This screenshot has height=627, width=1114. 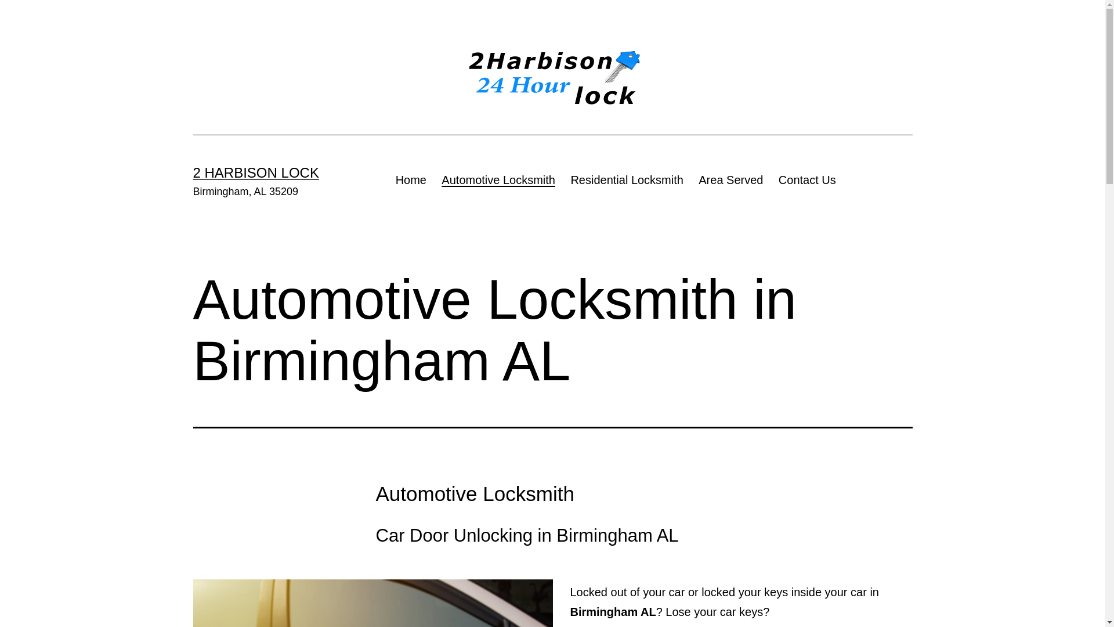 I want to click on '2 HARBISON LOCK', so click(x=255, y=172).